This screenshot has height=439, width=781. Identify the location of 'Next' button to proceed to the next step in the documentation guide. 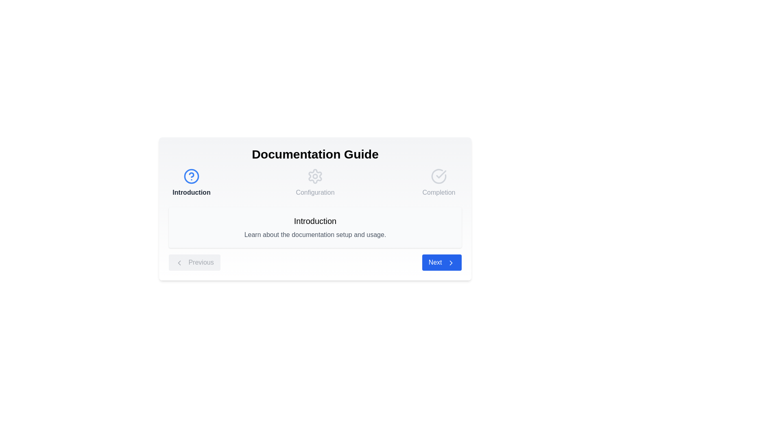
(441, 262).